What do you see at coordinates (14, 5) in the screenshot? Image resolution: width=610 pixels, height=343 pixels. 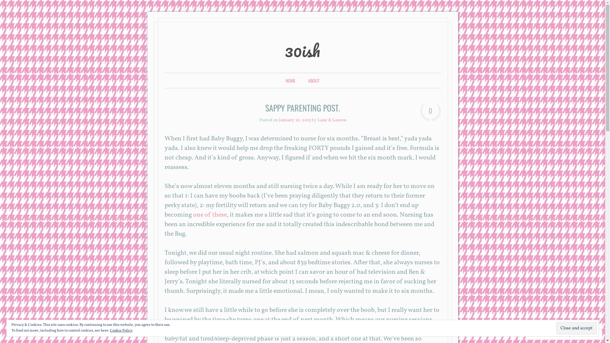 I see `'Search'` at bounding box center [14, 5].